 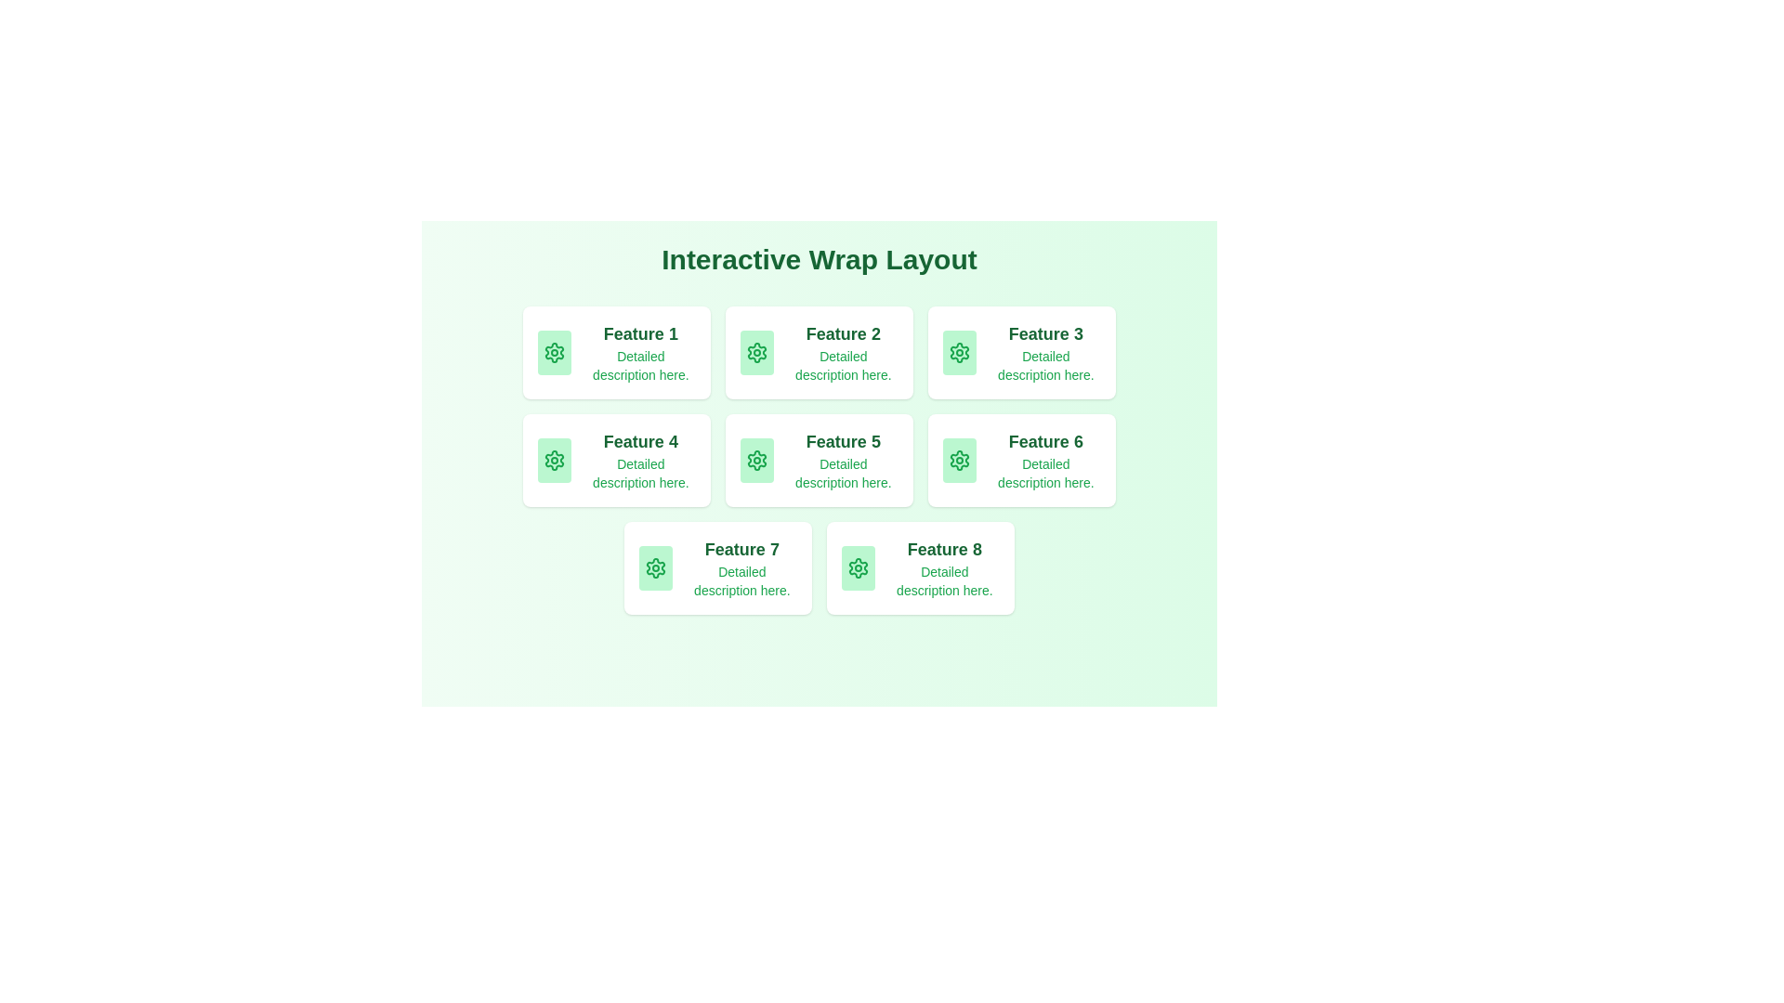 What do you see at coordinates (553, 353) in the screenshot?
I see `the small square-shaped icon with a soft green background and a circular settings gear symbol, located in the top-left segment of the grid layout under 'Interactive Wrap Layout', aligned with 'Feature 1'` at bounding box center [553, 353].